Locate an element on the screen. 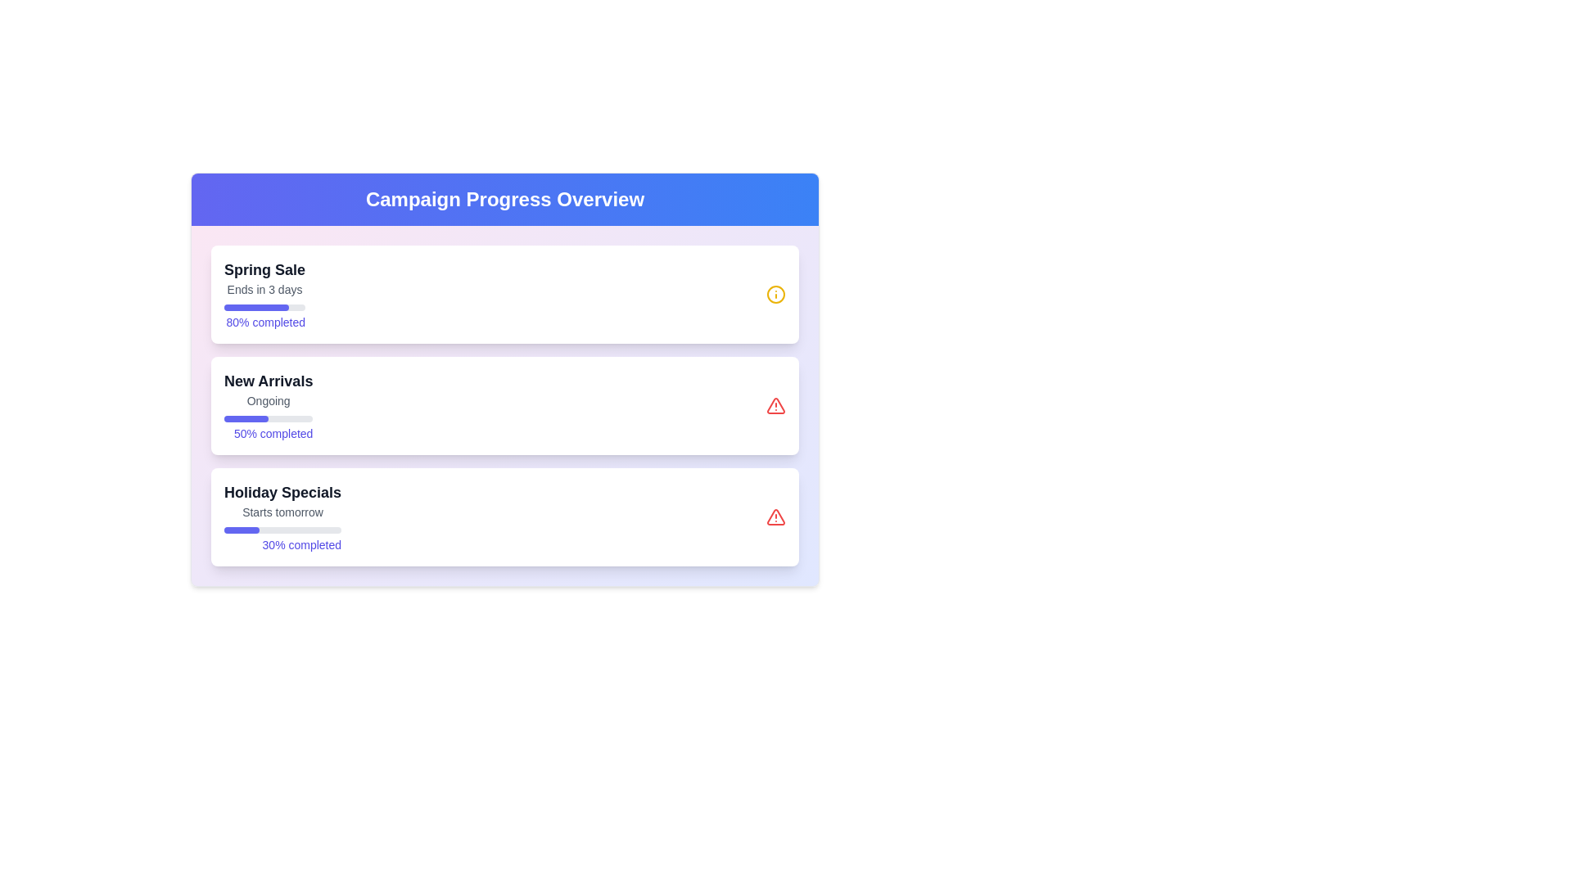 The width and height of the screenshot is (1572, 884). the text display that shows '80% completed' in bright indigo color, located below the progress bar in the 'Spring Sale' section is located at coordinates (264, 322).